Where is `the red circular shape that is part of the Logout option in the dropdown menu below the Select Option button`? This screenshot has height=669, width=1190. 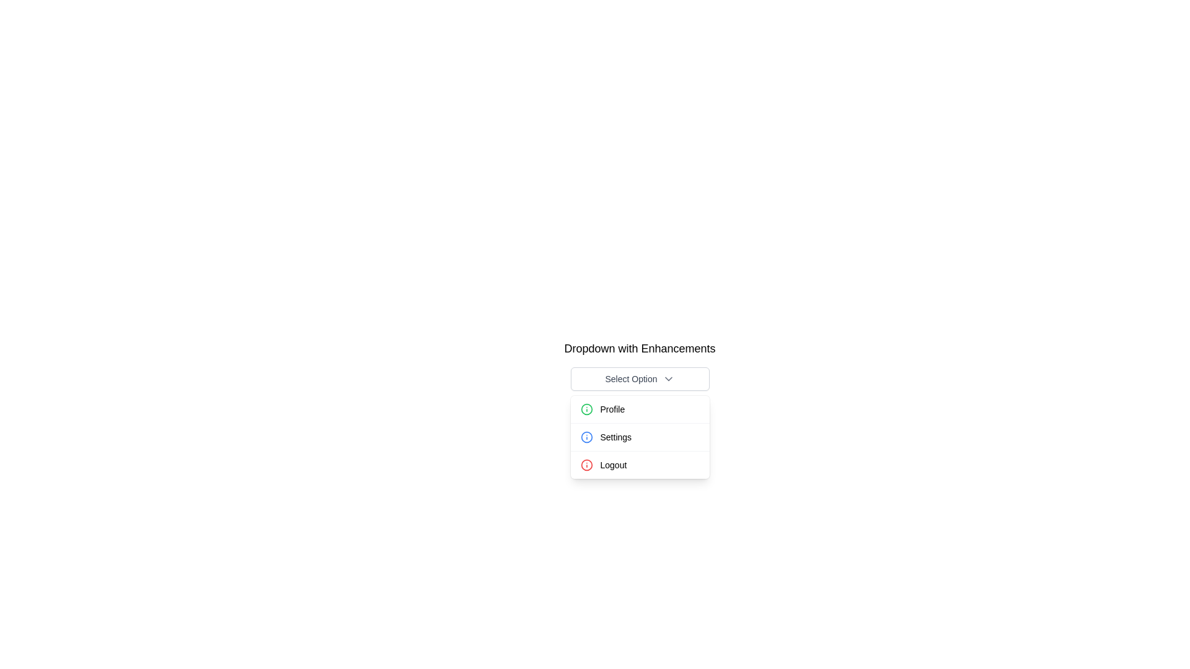 the red circular shape that is part of the Logout option in the dropdown menu below the Select Option button is located at coordinates (586, 465).